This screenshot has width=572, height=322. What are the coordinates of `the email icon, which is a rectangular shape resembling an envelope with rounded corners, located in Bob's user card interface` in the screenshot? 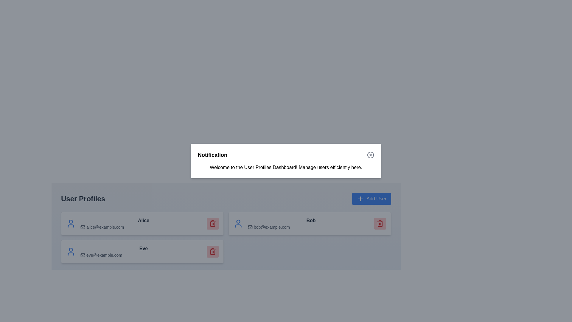 It's located at (250, 227).